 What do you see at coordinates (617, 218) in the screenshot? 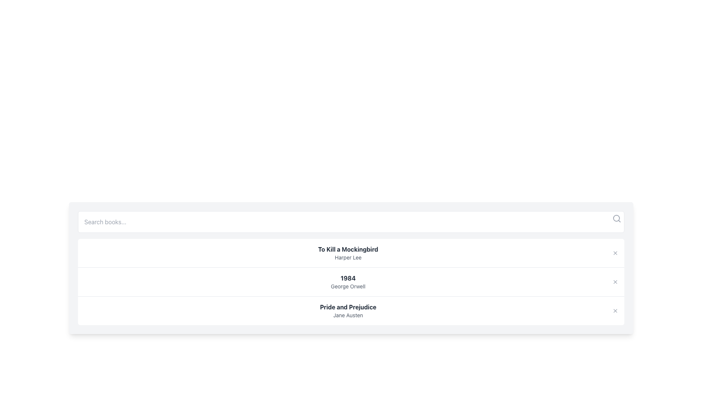
I see `the magnifying glass icon at the top-right corner of the search bar` at bounding box center [617, 218].